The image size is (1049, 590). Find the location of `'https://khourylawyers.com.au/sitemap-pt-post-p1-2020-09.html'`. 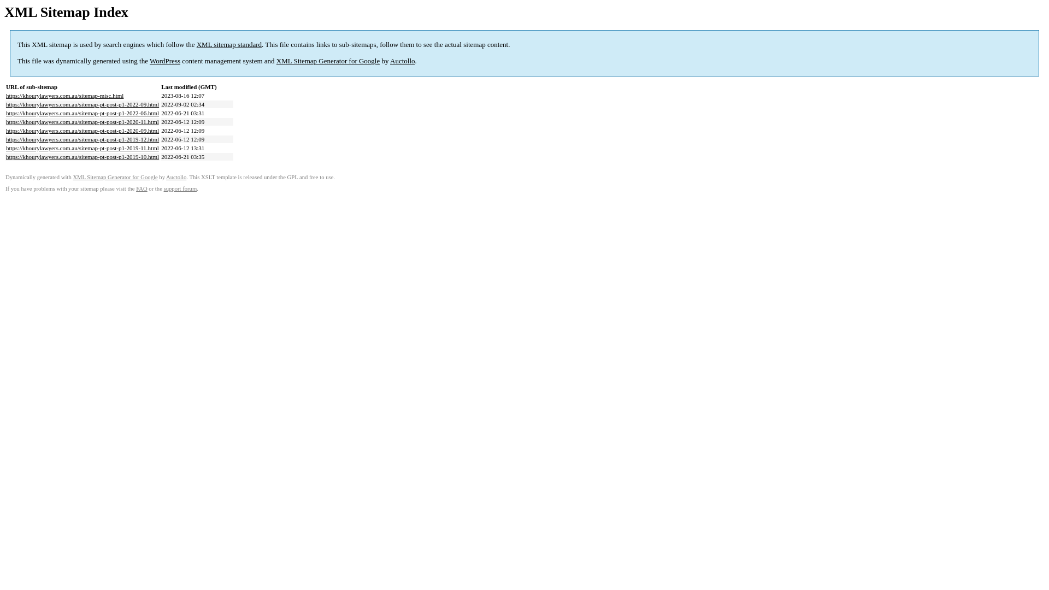

'https://khourylawyers.com.au/sitemap-pt-post-p1-2020-09.html' is located at coordinates (81, 130).